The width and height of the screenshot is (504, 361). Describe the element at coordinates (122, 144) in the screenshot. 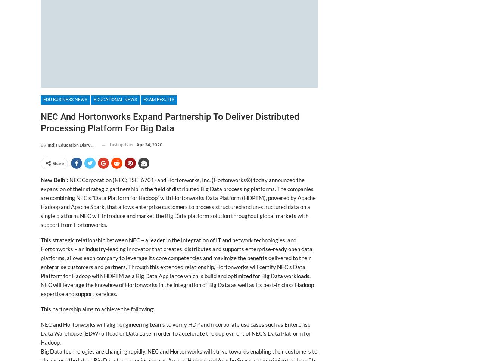

I see `'Last updated'` at that location.